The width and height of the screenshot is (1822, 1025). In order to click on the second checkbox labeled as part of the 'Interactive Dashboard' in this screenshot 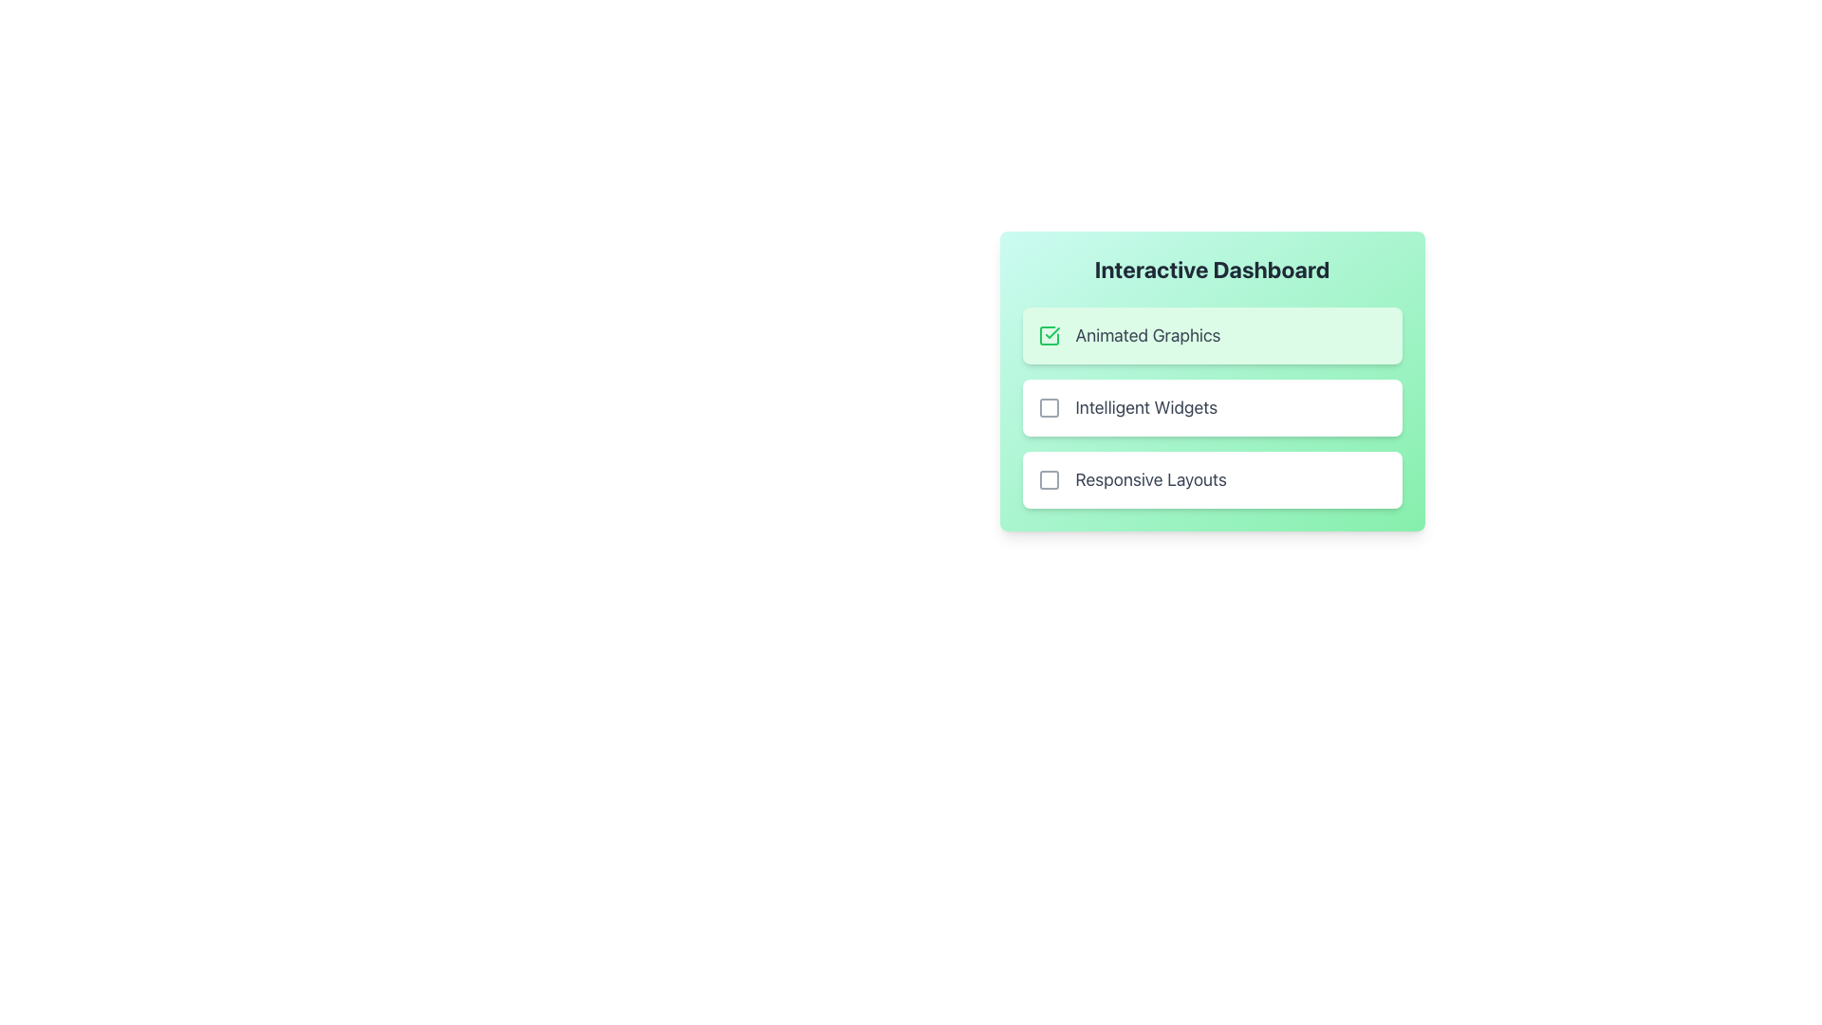, I will do `click(1127, 406)`.